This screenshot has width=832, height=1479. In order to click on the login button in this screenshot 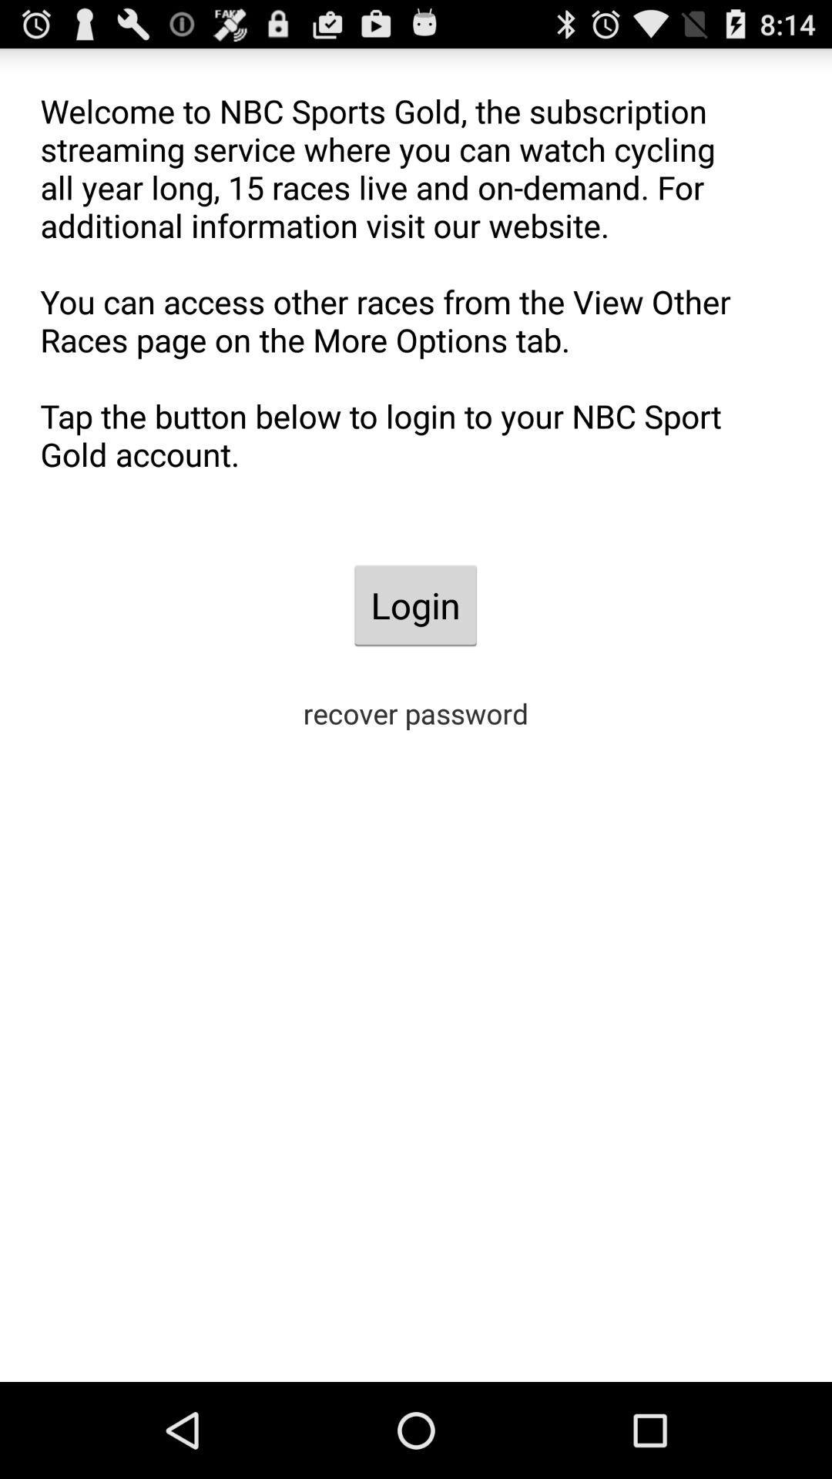, I will do `click(414, 605)`.